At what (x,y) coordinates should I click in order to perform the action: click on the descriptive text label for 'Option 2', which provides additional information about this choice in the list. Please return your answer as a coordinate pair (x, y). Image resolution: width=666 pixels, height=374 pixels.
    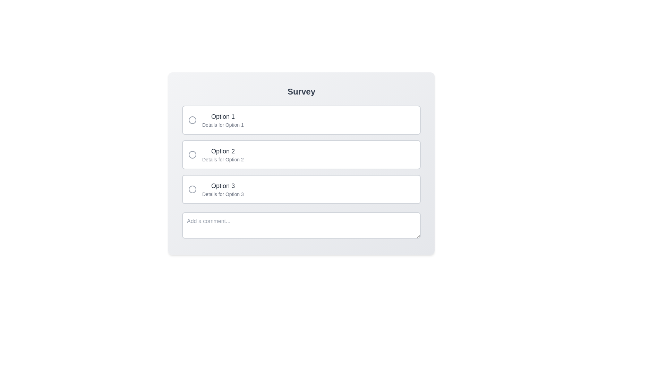
    Looking at the image, I should click on (223, 160).